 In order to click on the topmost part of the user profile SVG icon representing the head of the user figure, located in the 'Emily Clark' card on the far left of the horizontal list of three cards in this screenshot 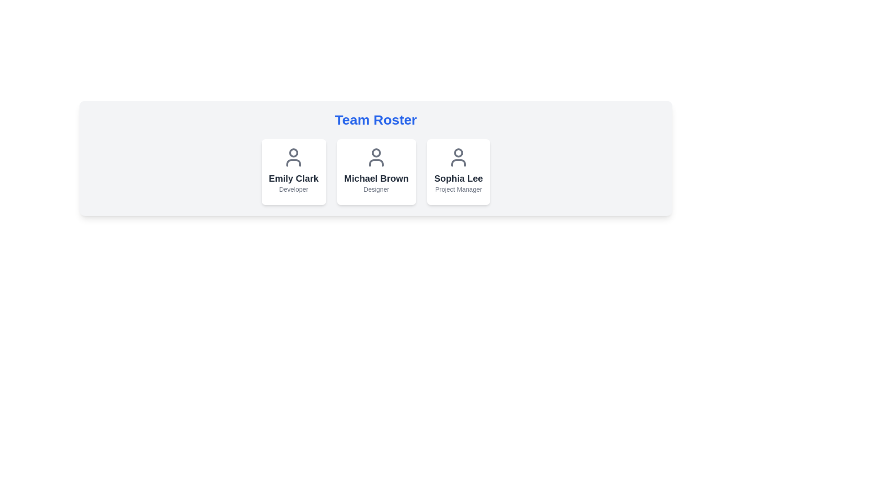, I will do `click(294, 152)`.